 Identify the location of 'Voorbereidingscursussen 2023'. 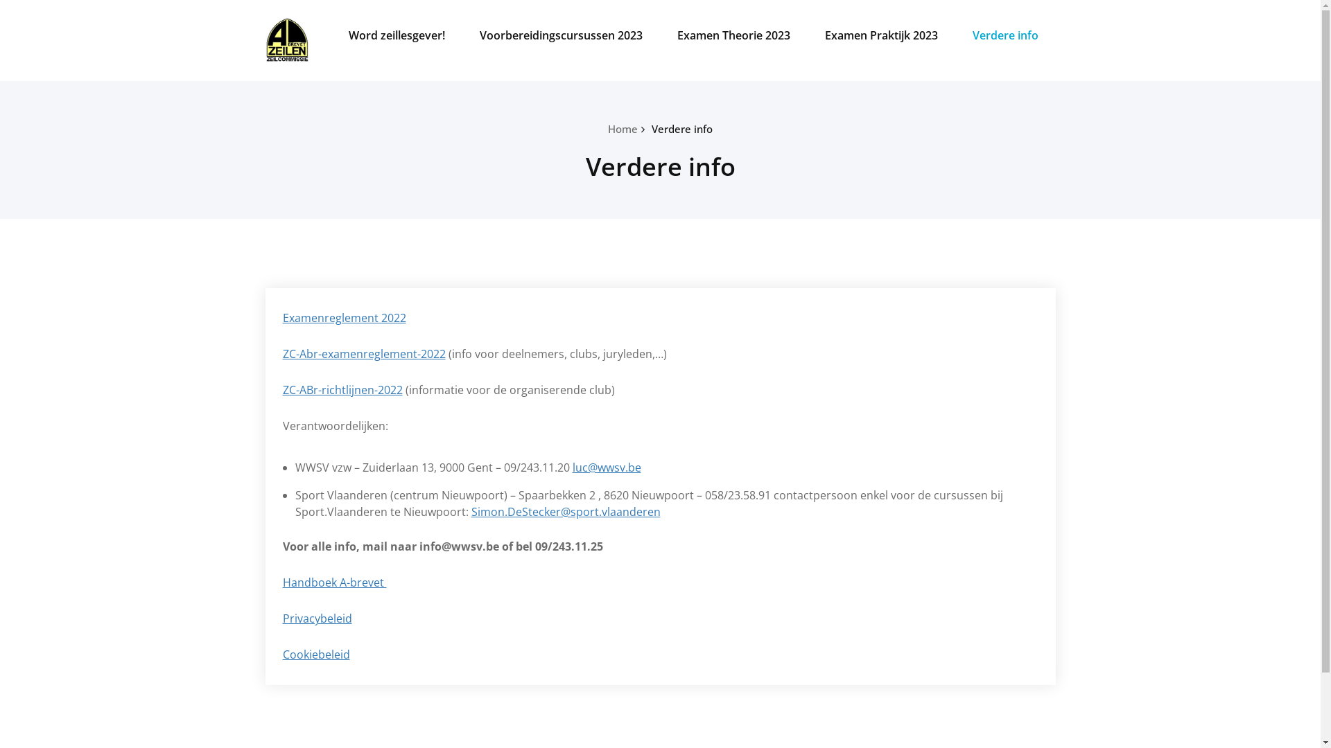
(560, 34).